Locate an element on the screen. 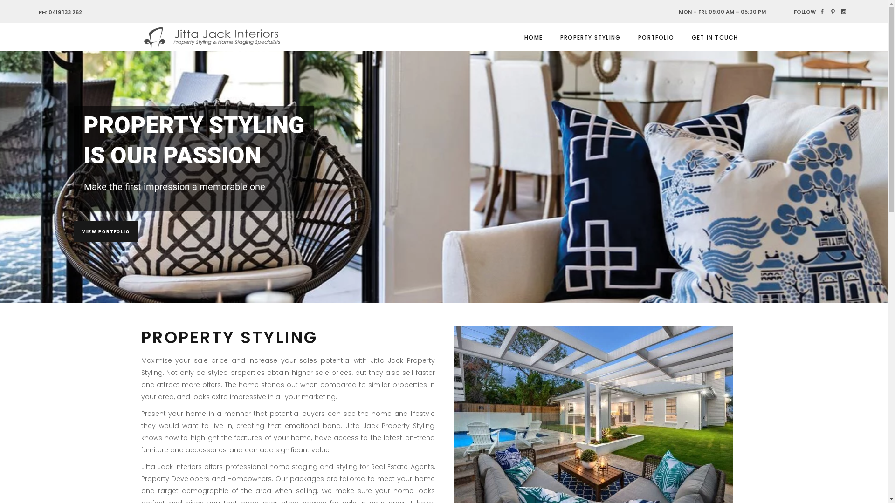  'PORTFOLIO' is located at coordinates (655, 37).